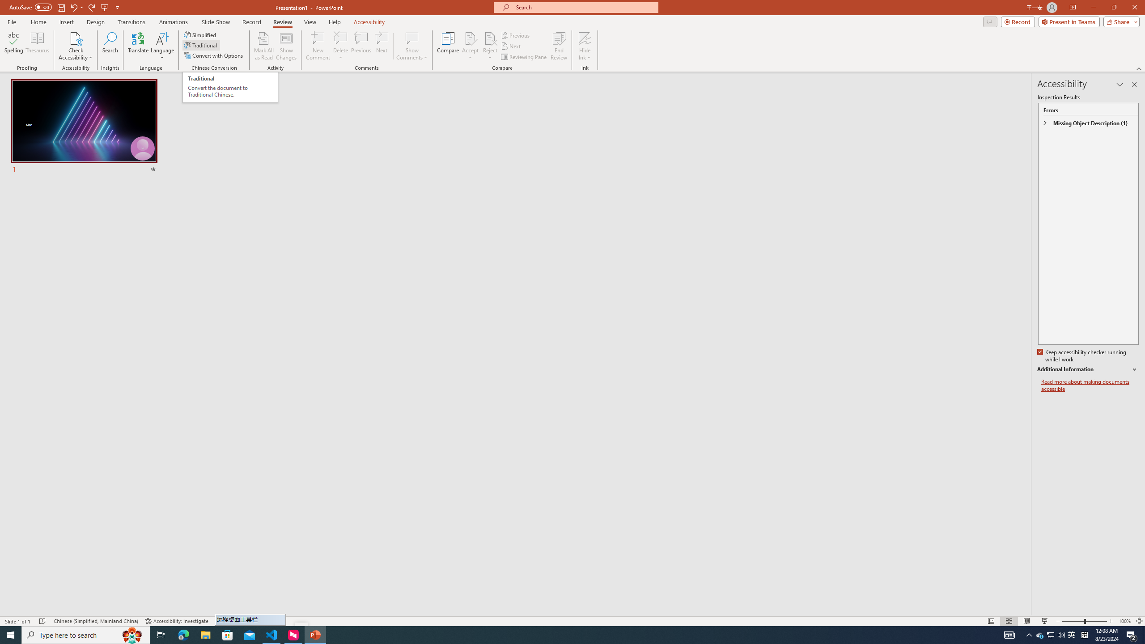 The height and width of the screenshot is (644, 1145). I want to click on 'Delete', so click(340, 46).